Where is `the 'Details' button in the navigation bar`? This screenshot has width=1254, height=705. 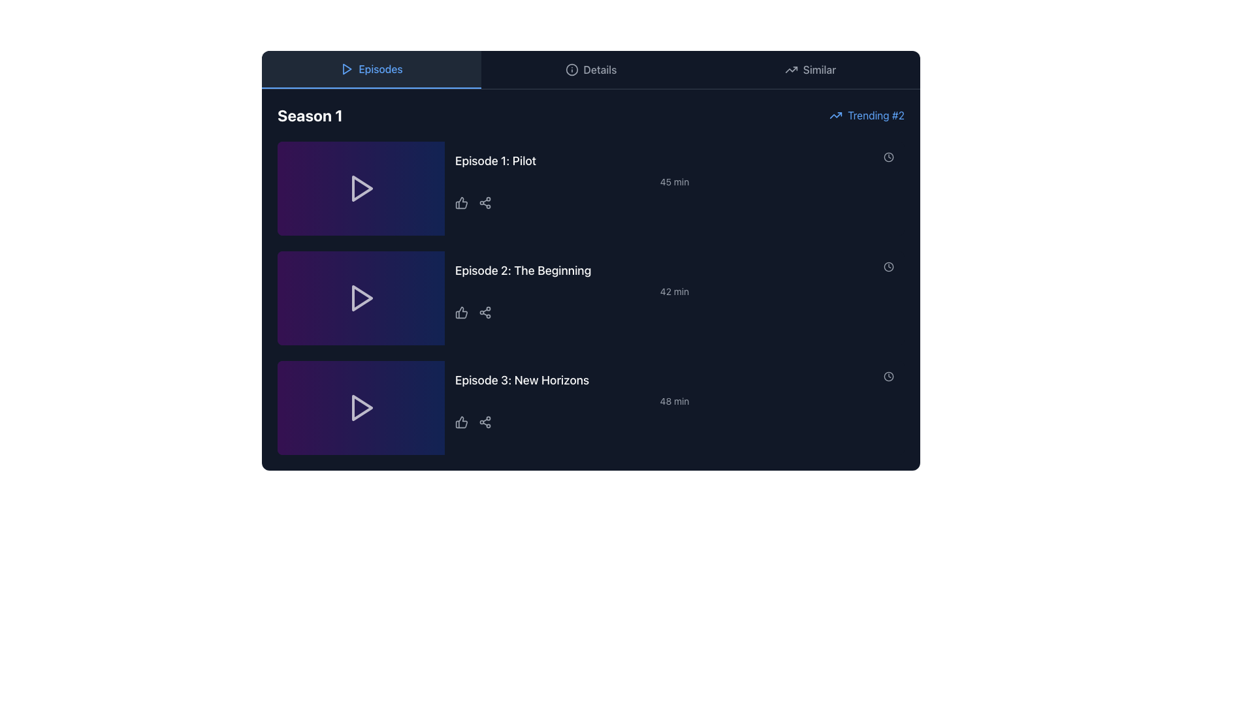
the 'Details' button in the navigation bar is located at coordinates (590, 70).